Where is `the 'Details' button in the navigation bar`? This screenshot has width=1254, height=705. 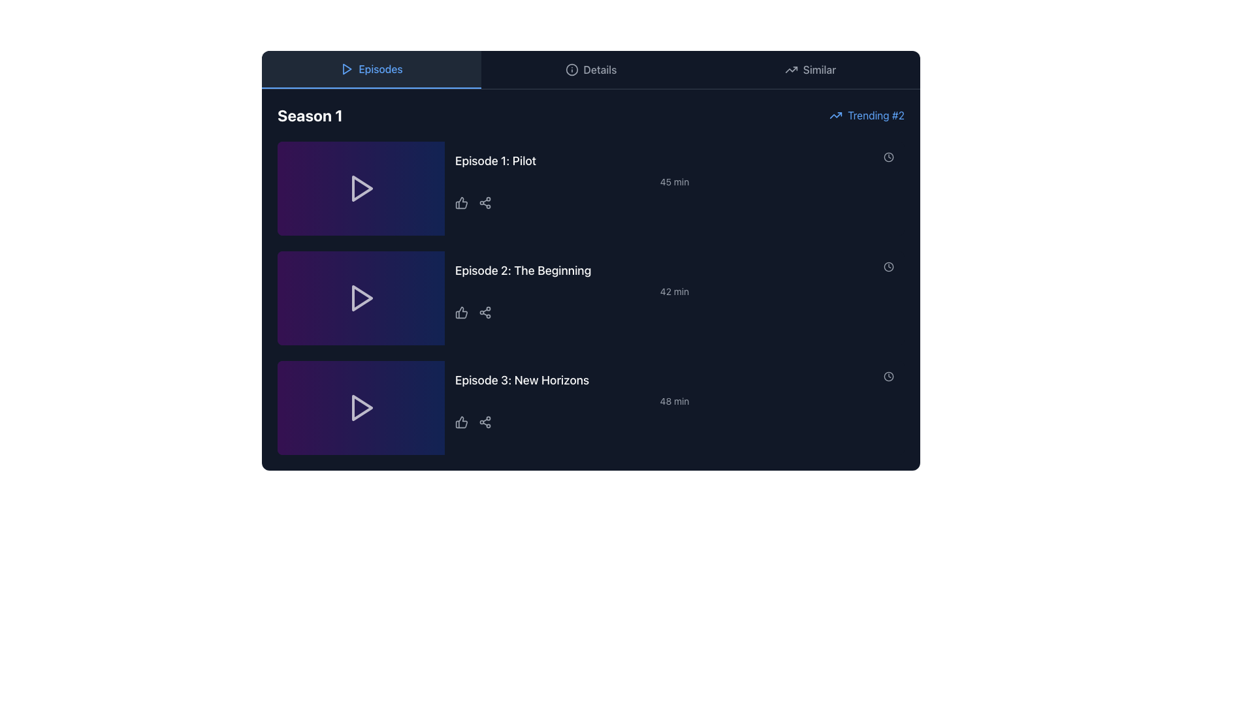
the 'Details' button in the navigation bar is located at coordinates (590, 70).